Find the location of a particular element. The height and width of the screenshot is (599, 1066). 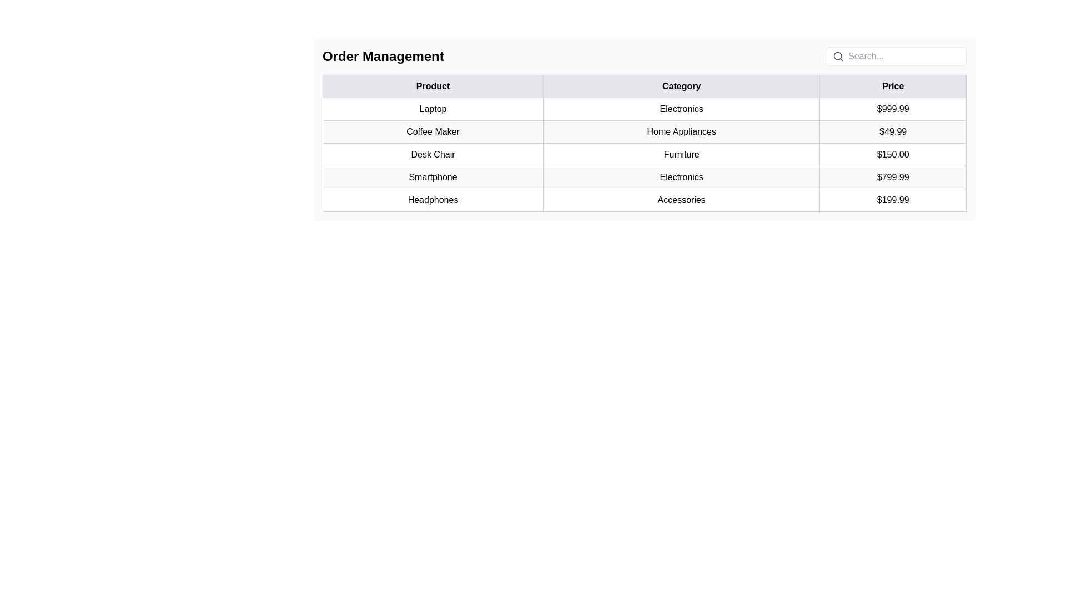

the price label for the 'Desk Chair' product located in the third row and third column of the data table is located at coordinates (893, 154).